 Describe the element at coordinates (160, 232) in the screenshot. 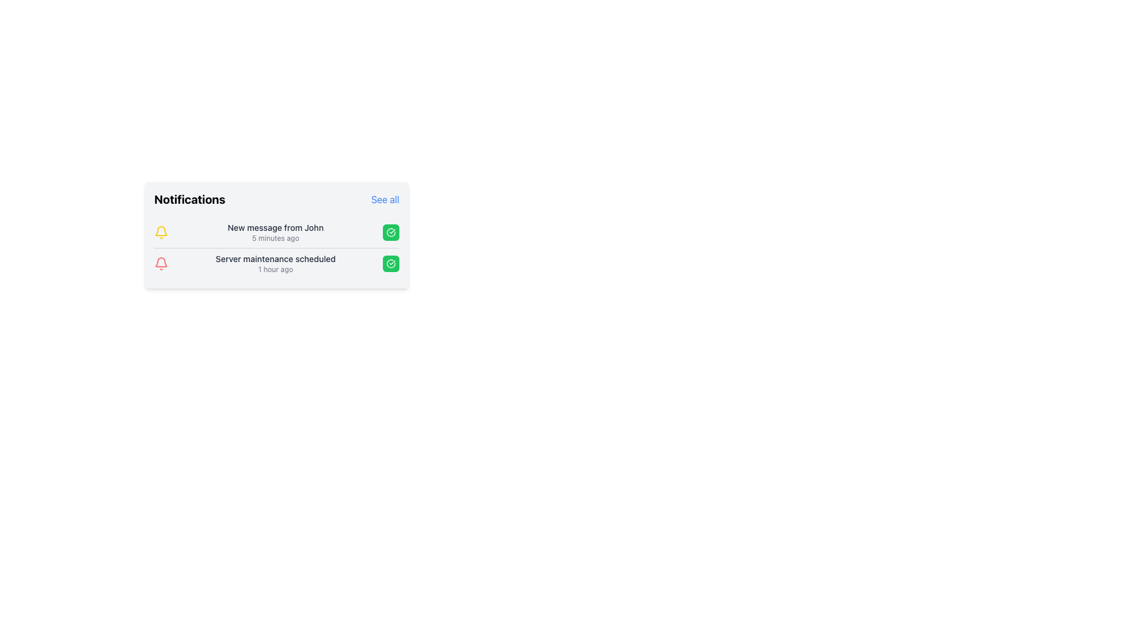

I see `the notification indicator icon located on the left side of the notification item that signals a new message from John, which is positioned within the upper entry of the Notifications list` at that location.